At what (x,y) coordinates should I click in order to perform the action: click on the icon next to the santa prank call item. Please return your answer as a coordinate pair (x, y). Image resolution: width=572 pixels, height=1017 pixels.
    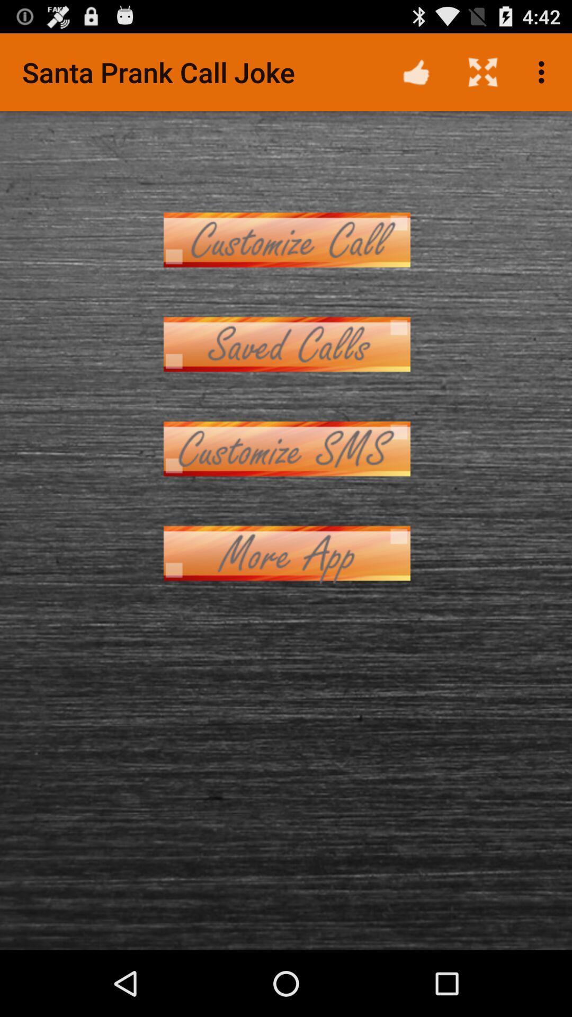
    Looking at the image, I should click on (416, 72).